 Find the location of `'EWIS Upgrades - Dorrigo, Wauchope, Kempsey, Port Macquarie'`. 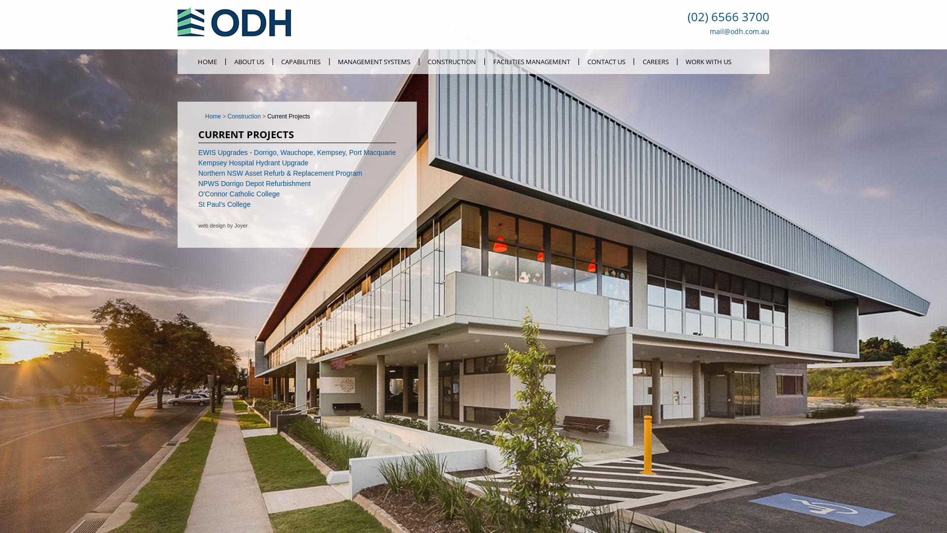

'EWIS Upgrades - Dorrigo, Wauchope, Kempsey, Port Macquarie' is located at coordinates (296, 152).